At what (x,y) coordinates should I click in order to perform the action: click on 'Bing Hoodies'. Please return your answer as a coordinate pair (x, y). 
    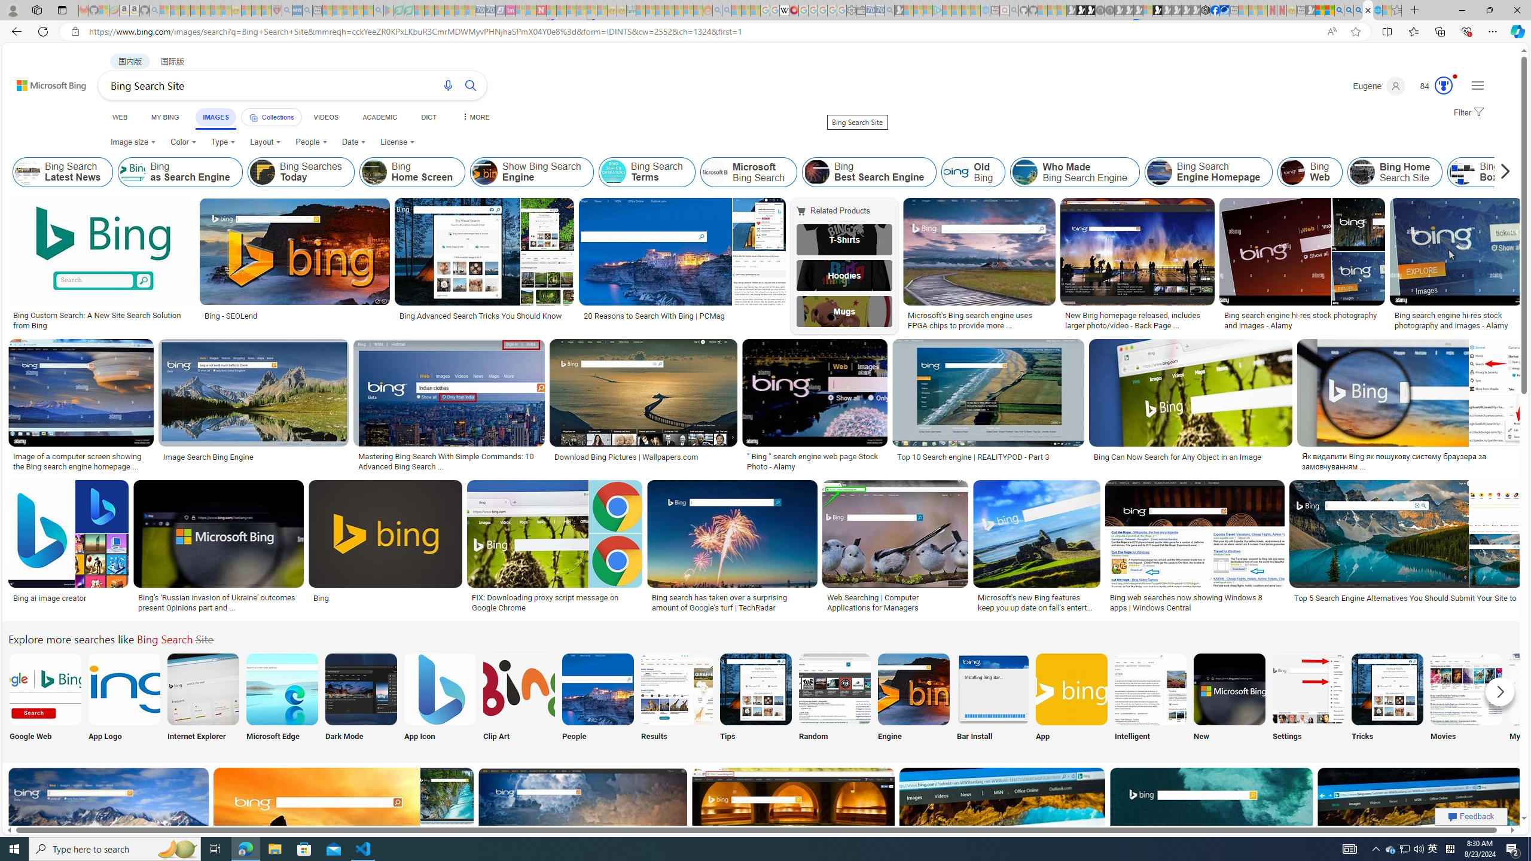
    Looking at the image, I should click on (843, 274).